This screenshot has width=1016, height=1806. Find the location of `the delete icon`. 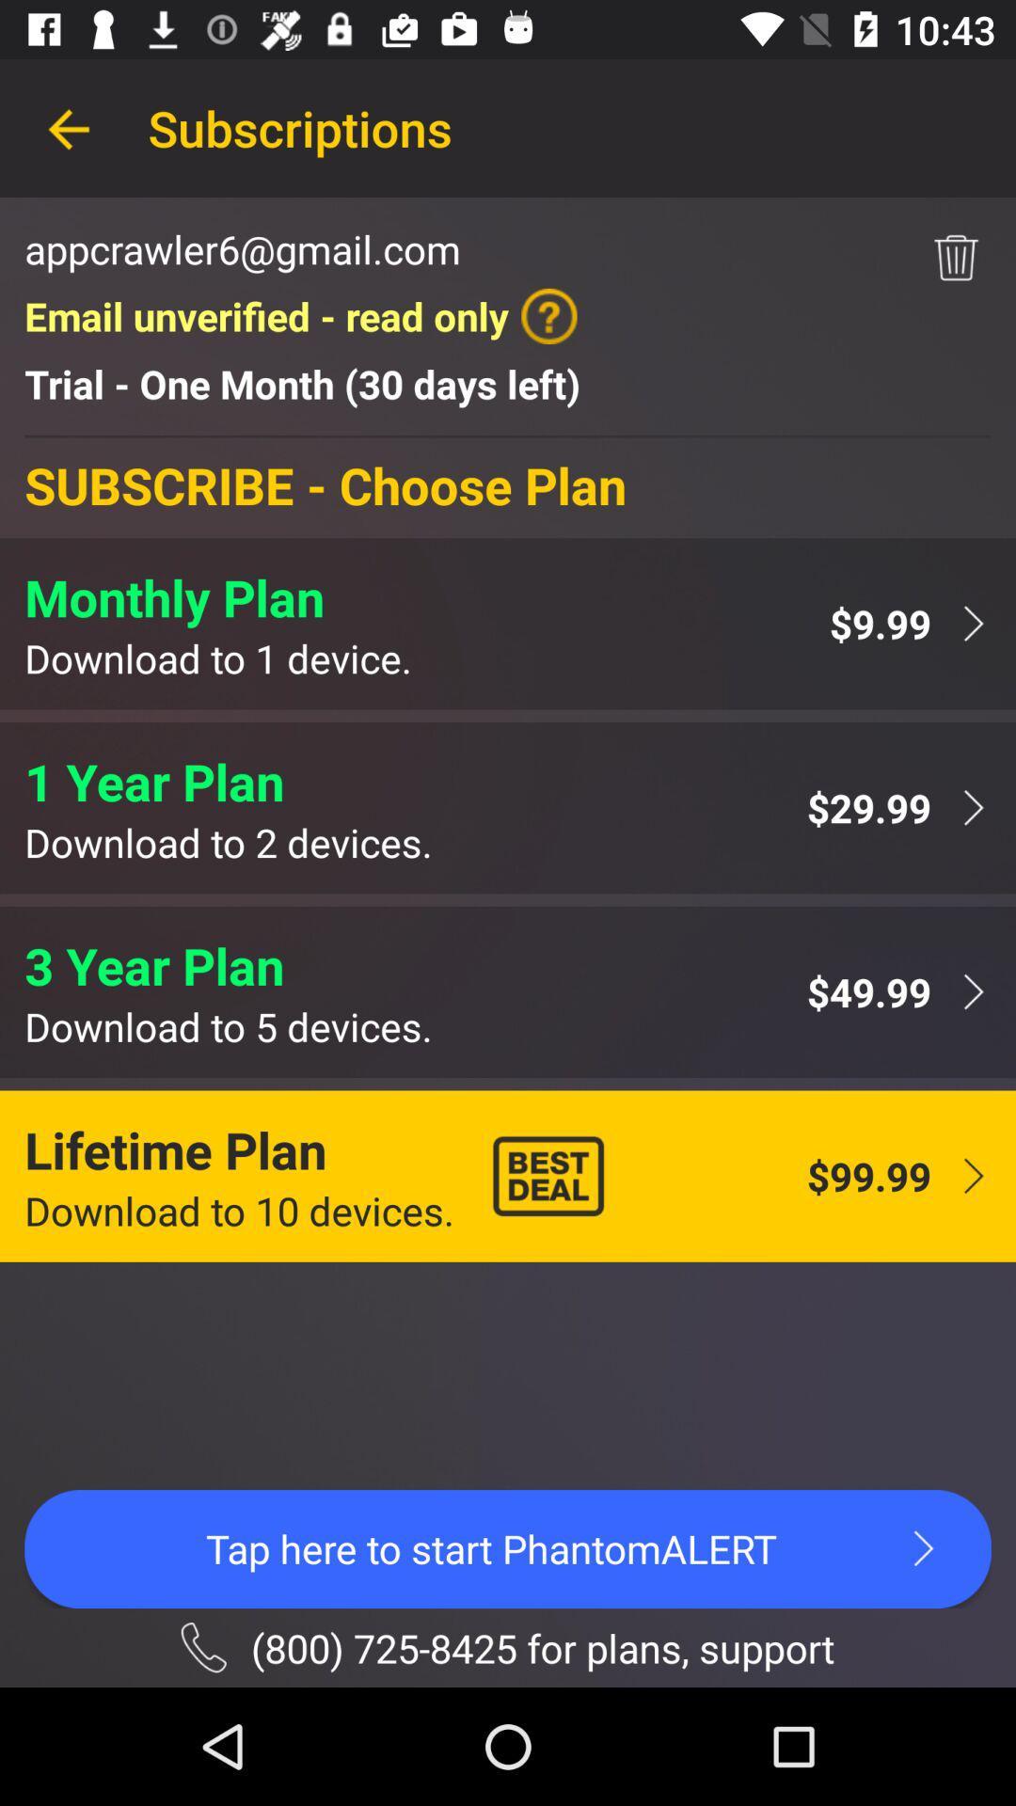

the delete icon is located at coordinates (956, 257).